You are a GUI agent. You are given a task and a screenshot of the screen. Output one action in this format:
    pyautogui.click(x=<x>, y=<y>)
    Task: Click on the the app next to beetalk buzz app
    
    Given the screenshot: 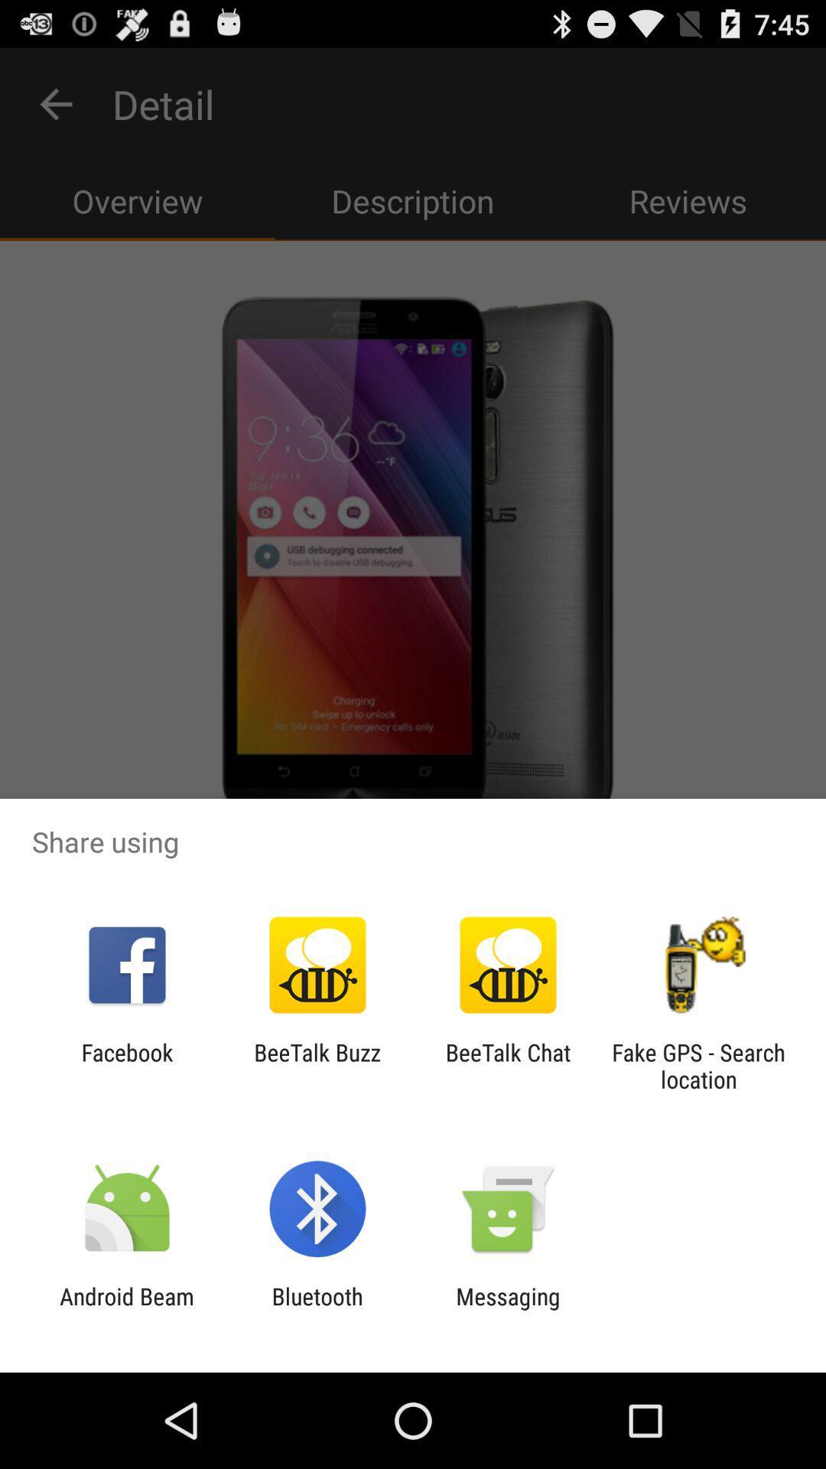 What is the action you would take?
    pyautogui.click(x=508, y=1065)
    